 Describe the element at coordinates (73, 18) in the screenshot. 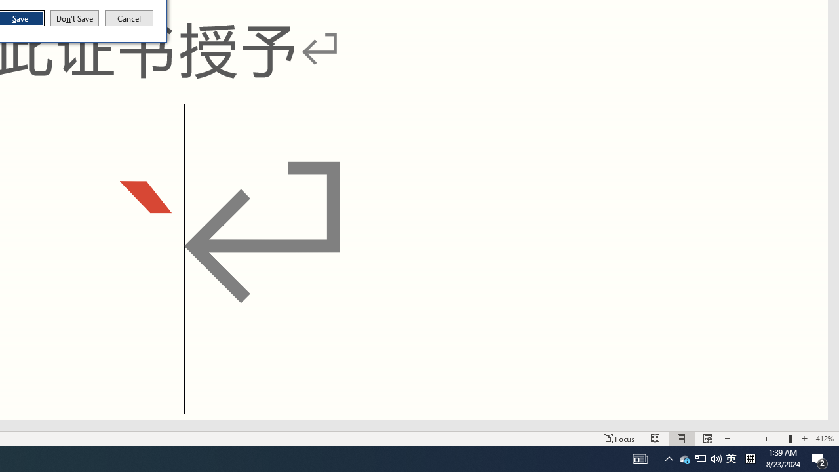

I see `'Don'` at that location.